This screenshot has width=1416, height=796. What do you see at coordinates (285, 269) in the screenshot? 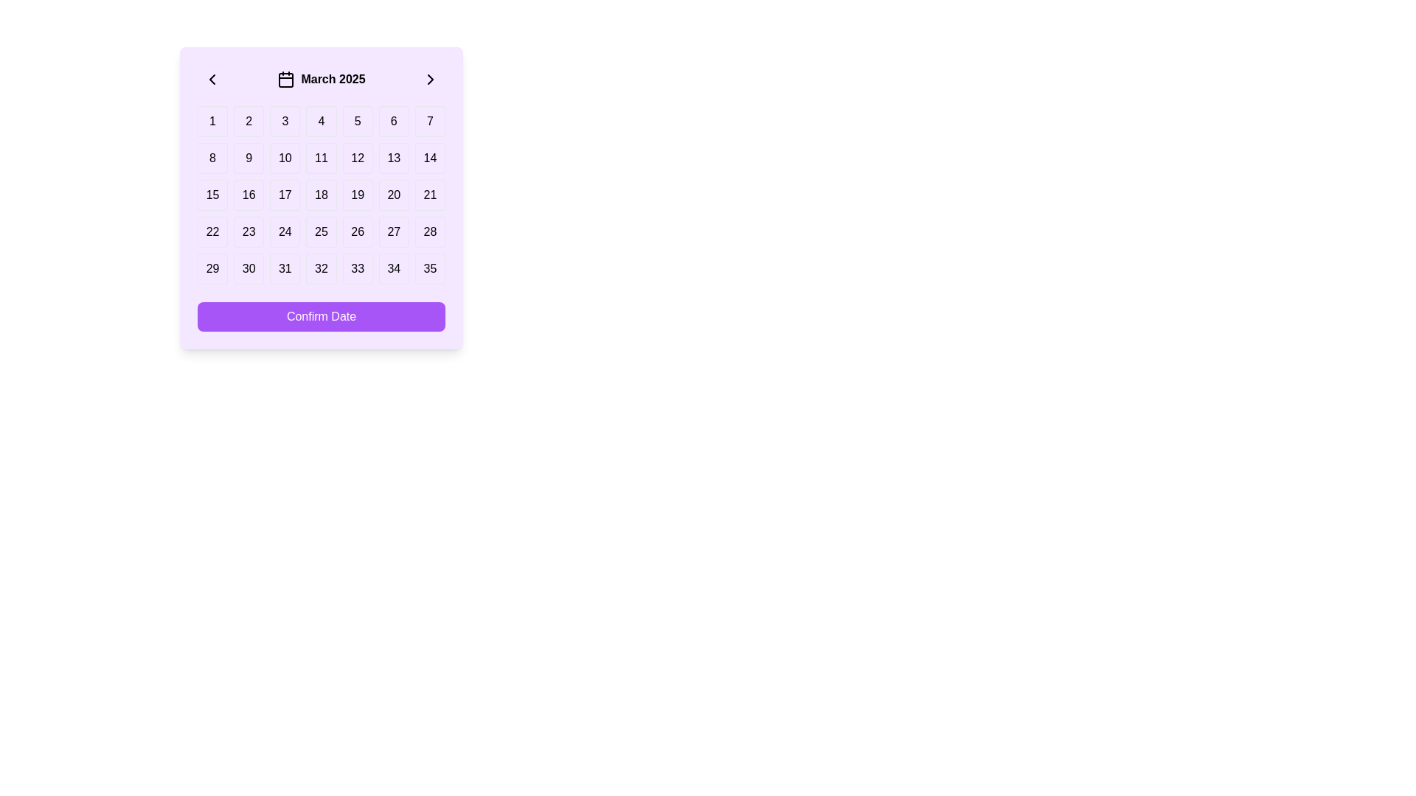
I see `to select the calendar day cell for March 31, 2025, which is located in the fifth row and third column of the calendar grid` at bounding box center [285, 269].